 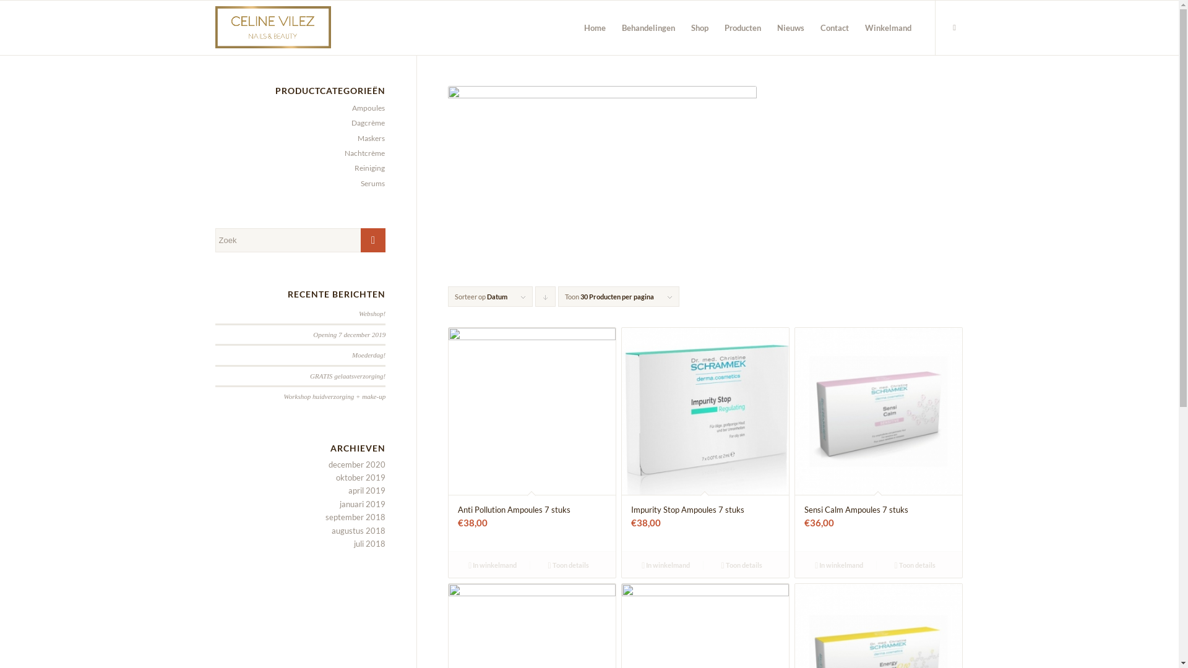 What do you see at coordinates (682, 28) in the screenshot?
I see `'Shop'` at bounding box center [682, 28].